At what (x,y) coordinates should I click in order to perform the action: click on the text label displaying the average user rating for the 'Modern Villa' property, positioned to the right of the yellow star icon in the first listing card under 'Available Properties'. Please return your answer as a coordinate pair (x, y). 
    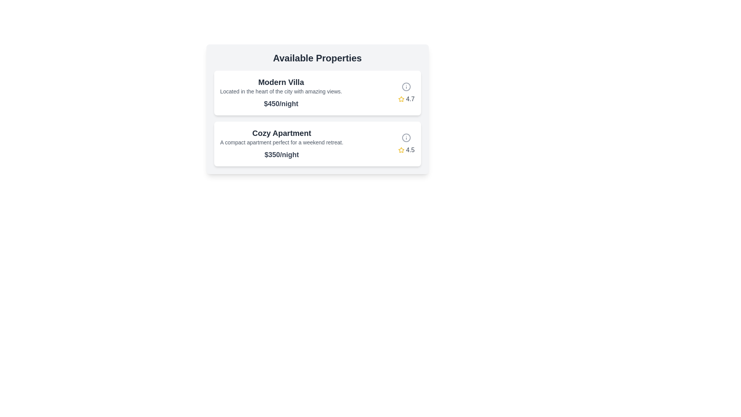
    Looking at the image, I should click on (410, 99).